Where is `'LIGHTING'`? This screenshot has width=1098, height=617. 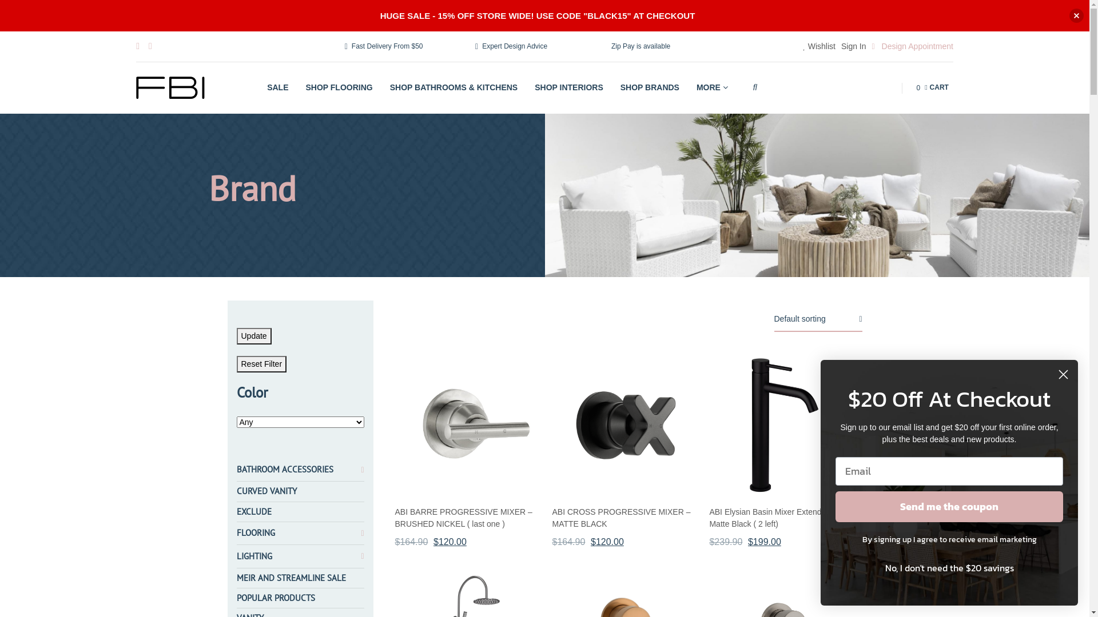 'LIGHTING' is located at coordinates (254, 556).